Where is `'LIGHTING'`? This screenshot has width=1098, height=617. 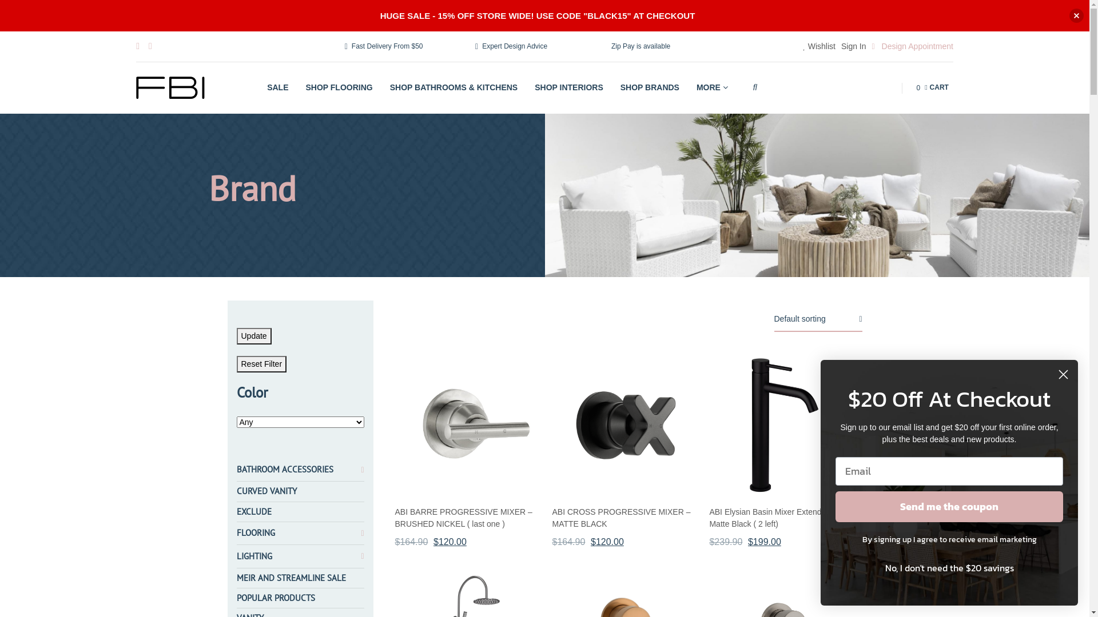 'LIGHTING' is located at coordinates (254, 556).